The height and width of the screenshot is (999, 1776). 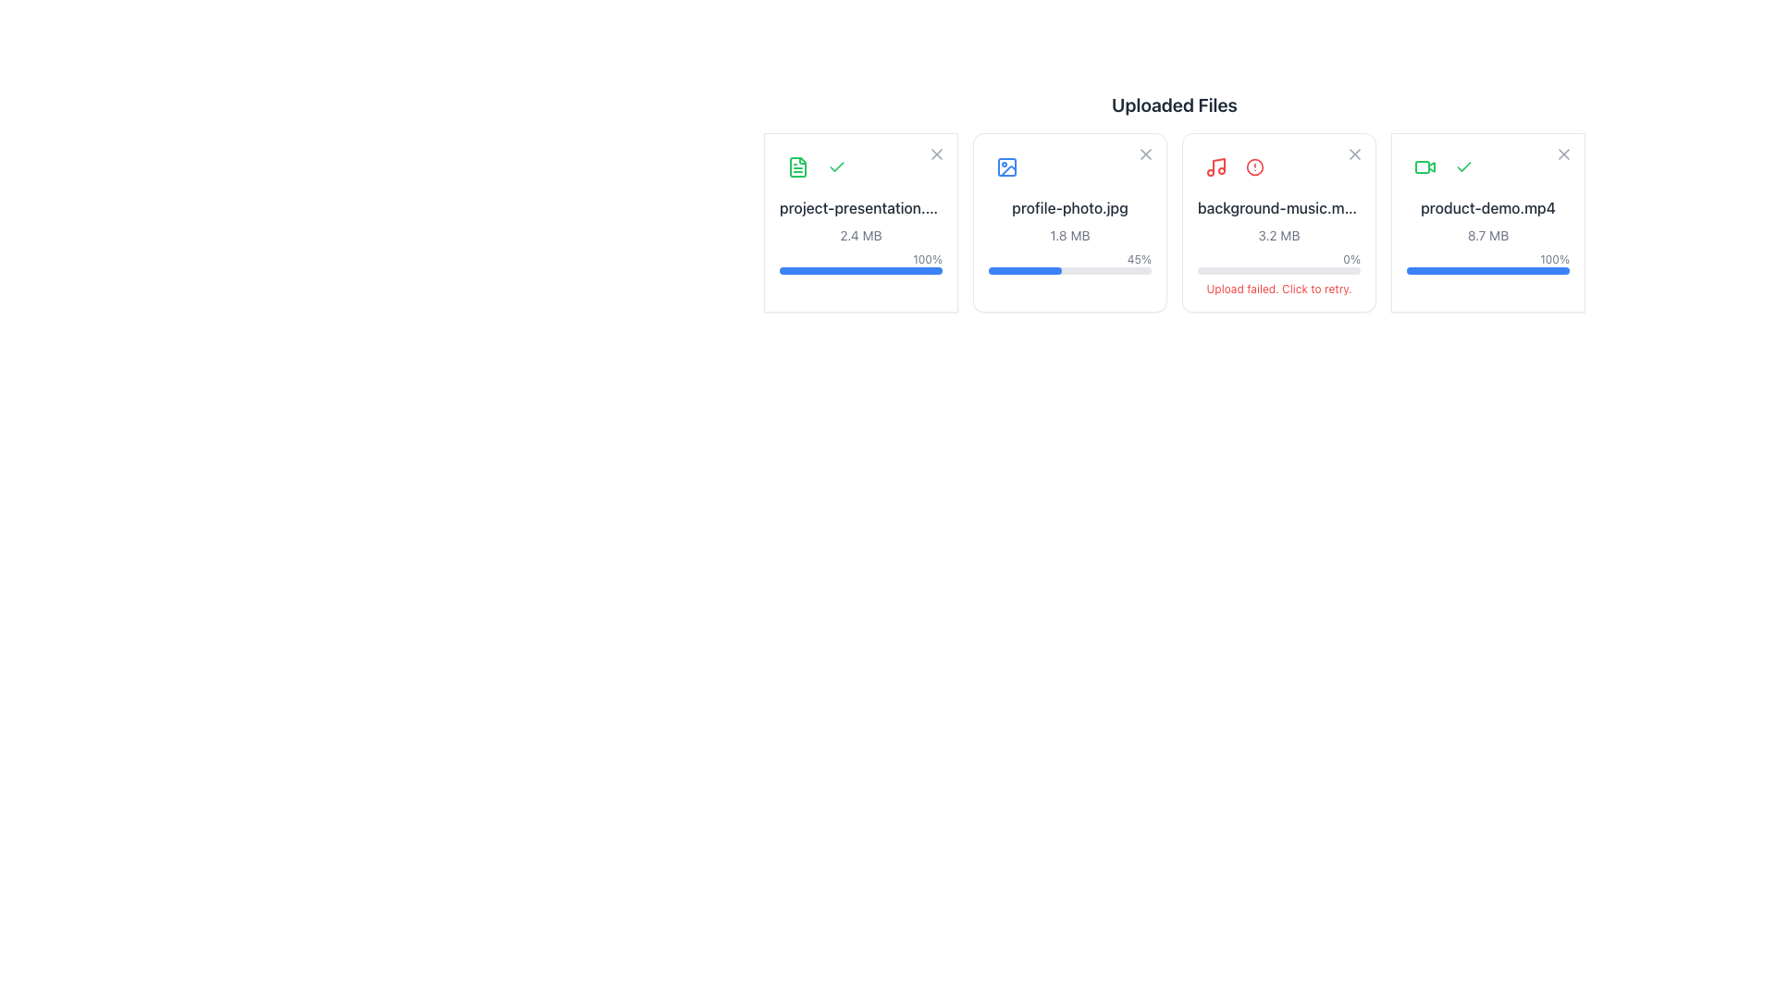 I want to click on the file-type indicator icon representing an image file in the 'Uploaded Files' section, so click(x=1006, y=167).